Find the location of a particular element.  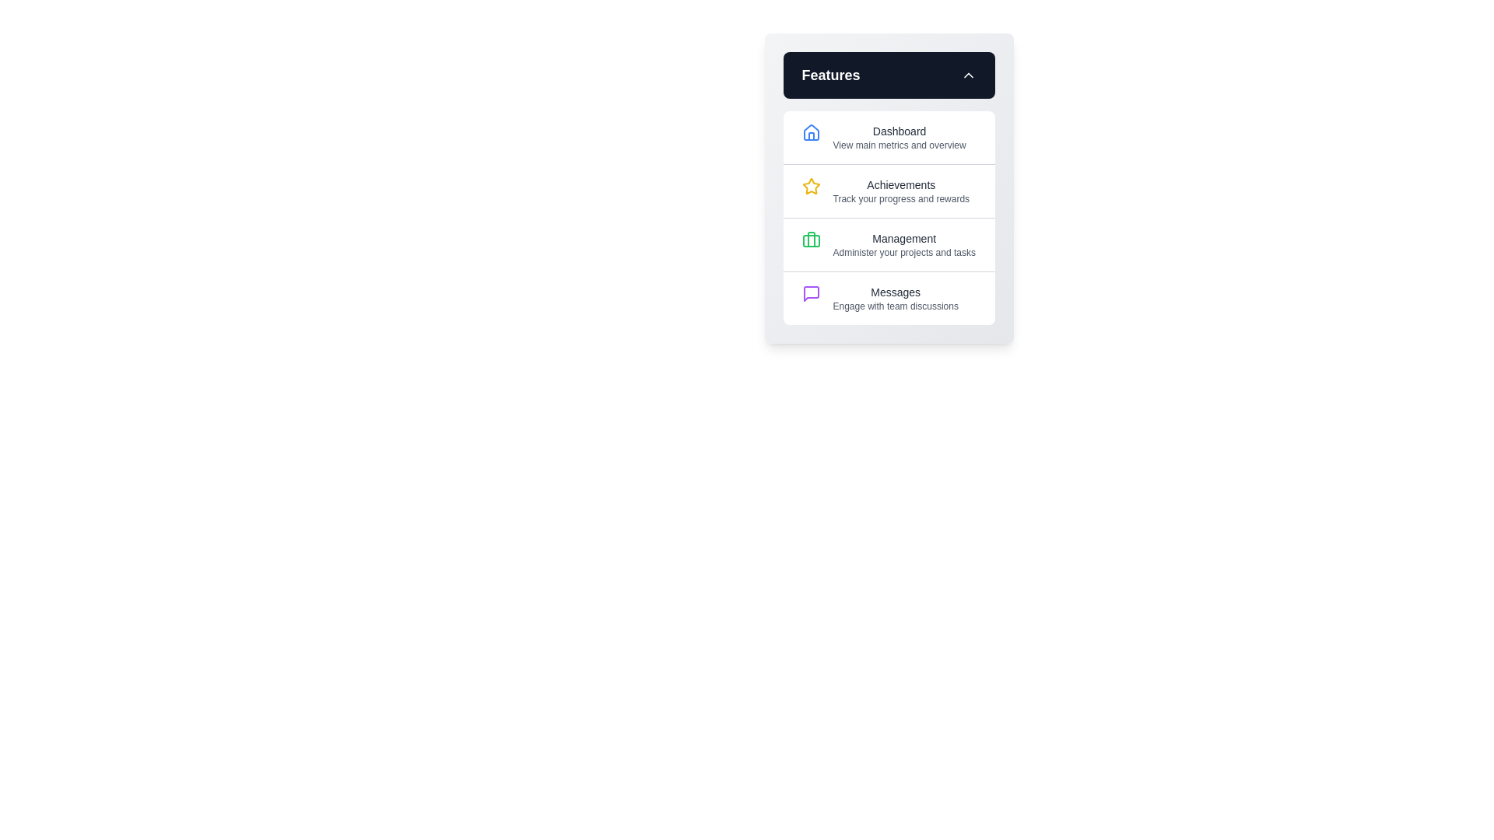

the descriptive text label located directly under the 'Messages' title in the 'Features' card is located at coordinates (896, 306).